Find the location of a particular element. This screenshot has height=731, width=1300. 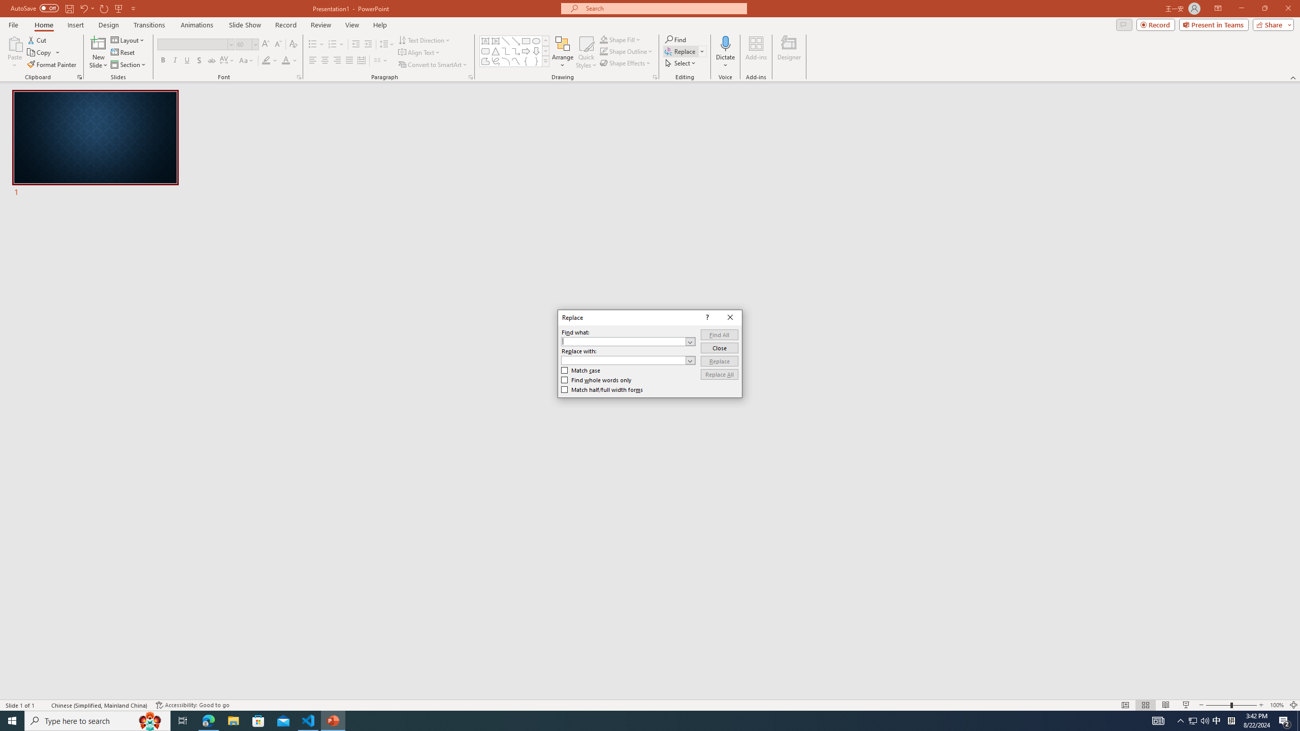

'Context help' is located at coordinates (706, 317).